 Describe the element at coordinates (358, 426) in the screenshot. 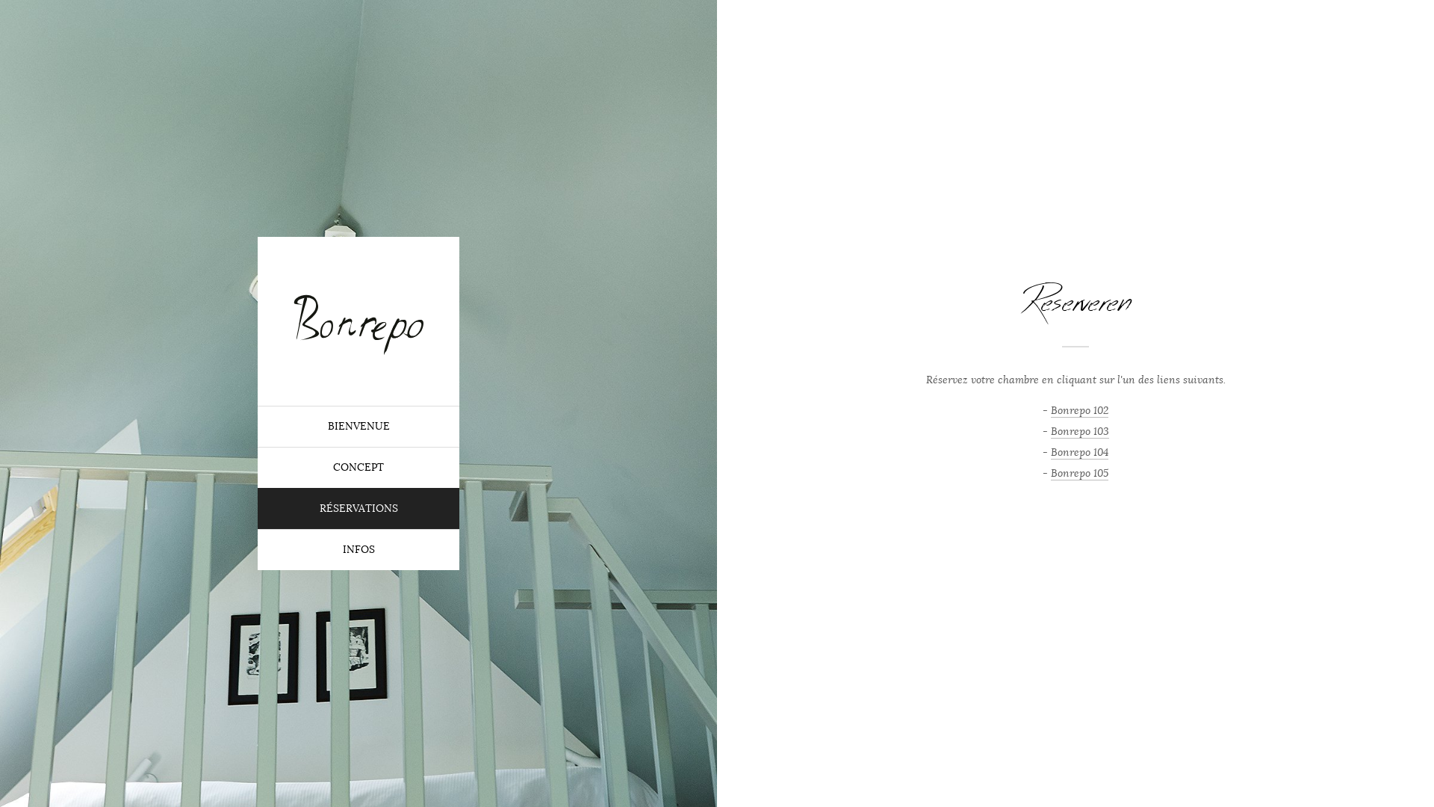

I see `'BIENVENUE'` at that location.